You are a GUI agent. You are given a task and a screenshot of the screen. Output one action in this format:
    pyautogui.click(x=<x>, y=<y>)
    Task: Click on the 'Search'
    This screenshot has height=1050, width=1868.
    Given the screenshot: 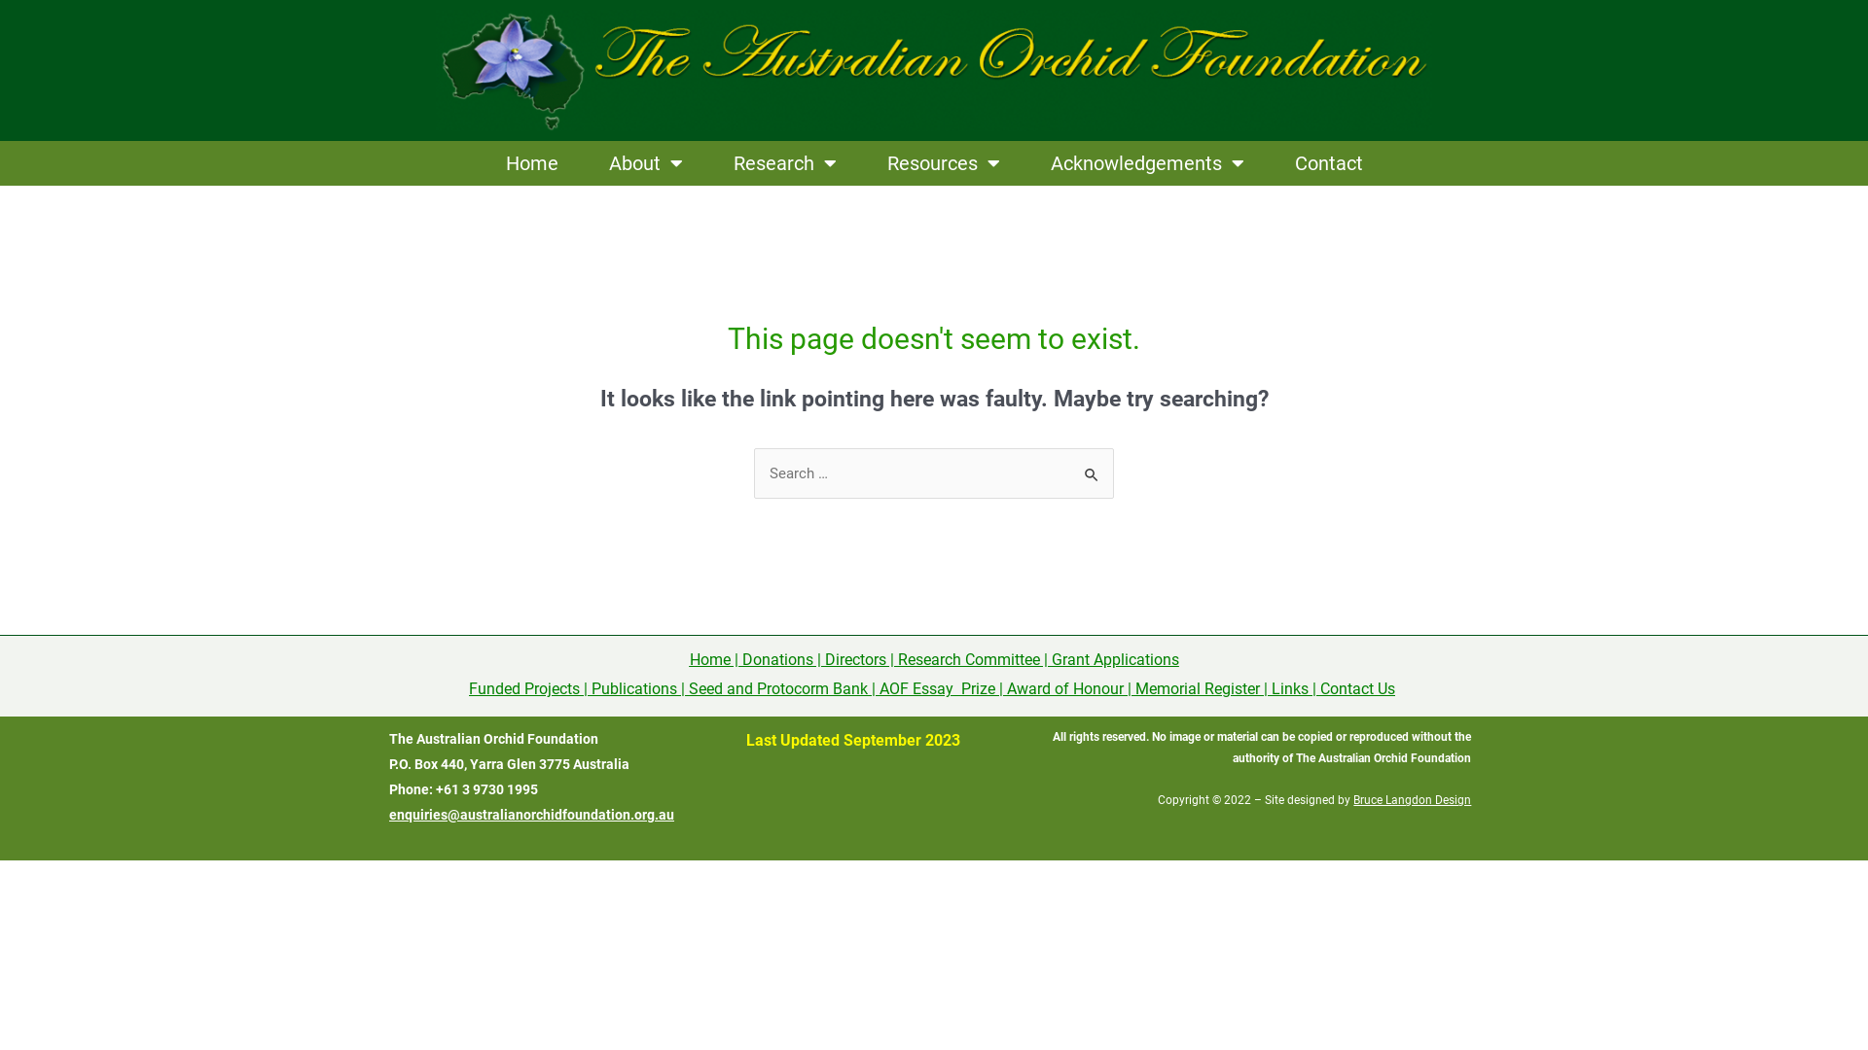 What is the action you would take?
    pyautogui.click(x=1092, y=468)
    